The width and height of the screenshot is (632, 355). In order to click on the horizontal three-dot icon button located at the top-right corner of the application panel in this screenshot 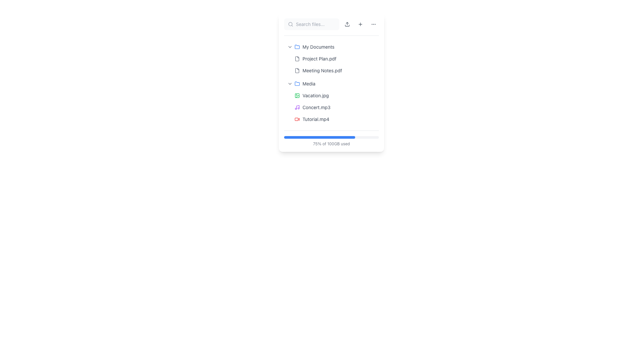, I will do `click(373, 24)`.